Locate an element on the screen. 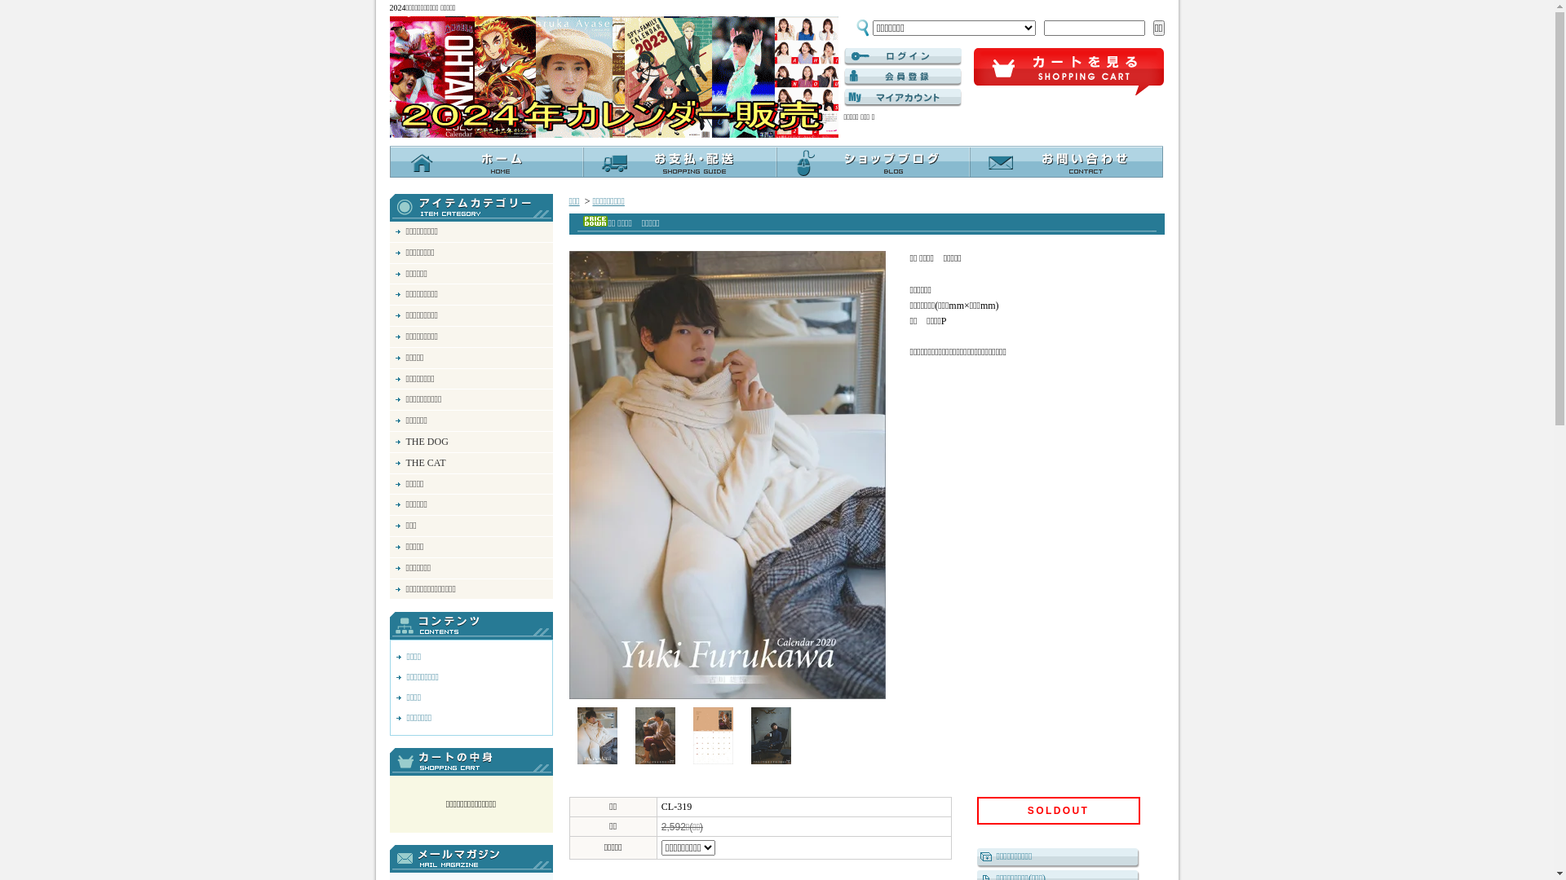  'THE DOG' is located at coordinates (470, 442).